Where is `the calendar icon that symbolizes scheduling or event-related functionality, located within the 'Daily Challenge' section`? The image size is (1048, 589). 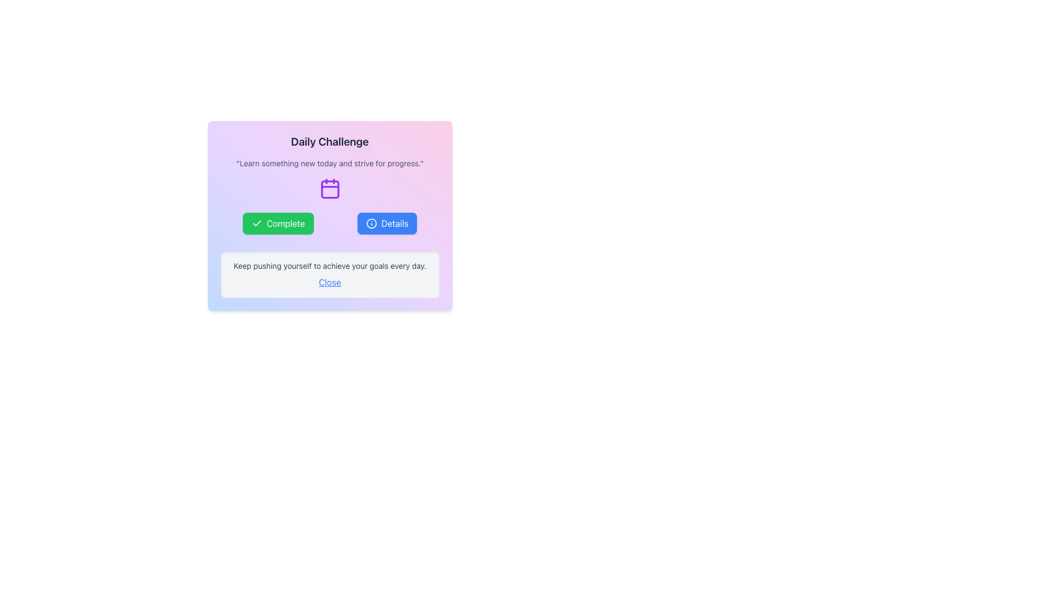 the calendar icon that symbolizes scheduling or event-related functionality, located within the 'Daily Challenge' section is located at coordinates (329, 188).